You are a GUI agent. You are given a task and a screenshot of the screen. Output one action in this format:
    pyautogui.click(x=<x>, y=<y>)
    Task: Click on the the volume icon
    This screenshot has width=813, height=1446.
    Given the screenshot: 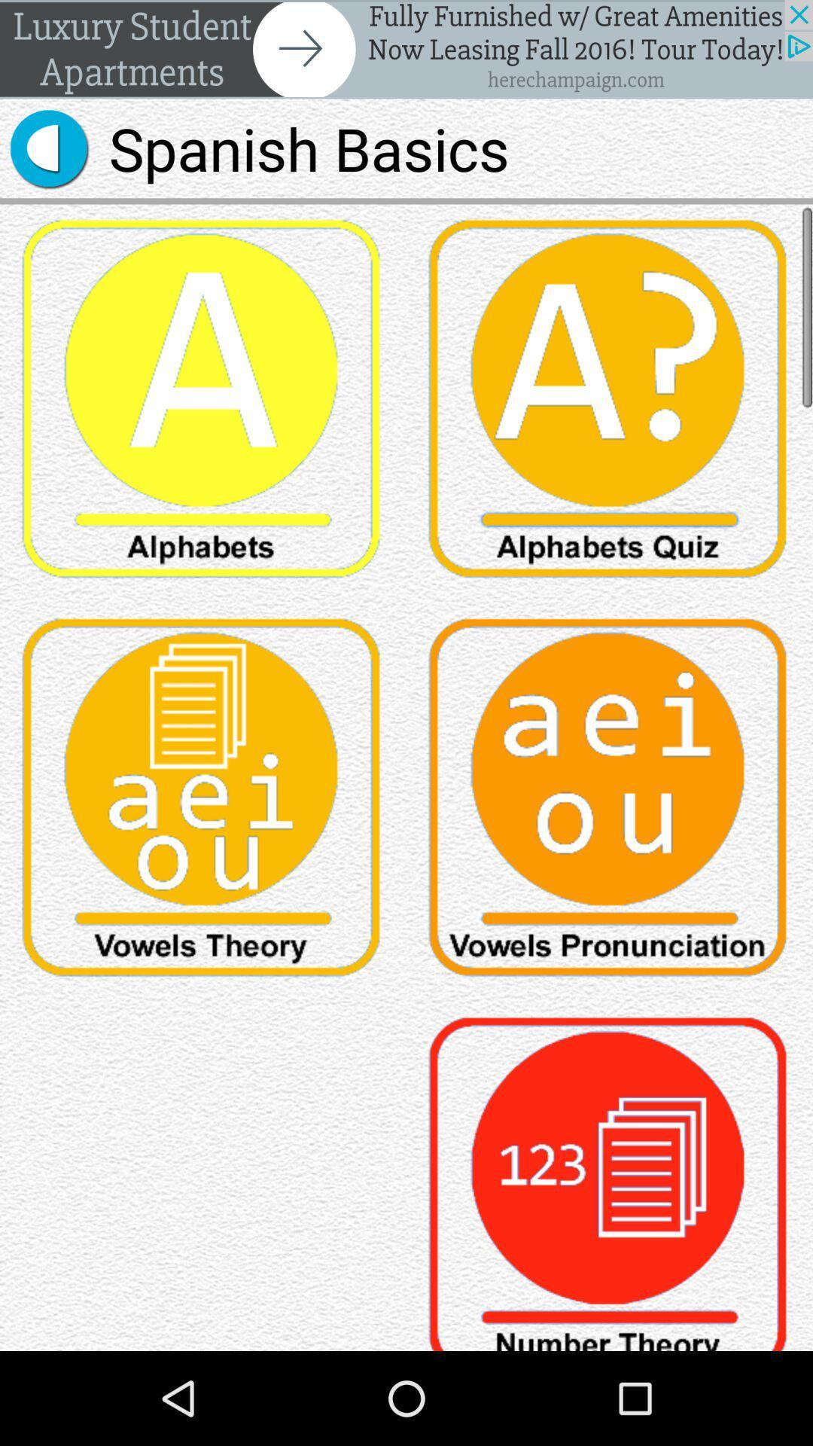 What is the action you would take?
    pyautogui.click(x=48, y=158)
    